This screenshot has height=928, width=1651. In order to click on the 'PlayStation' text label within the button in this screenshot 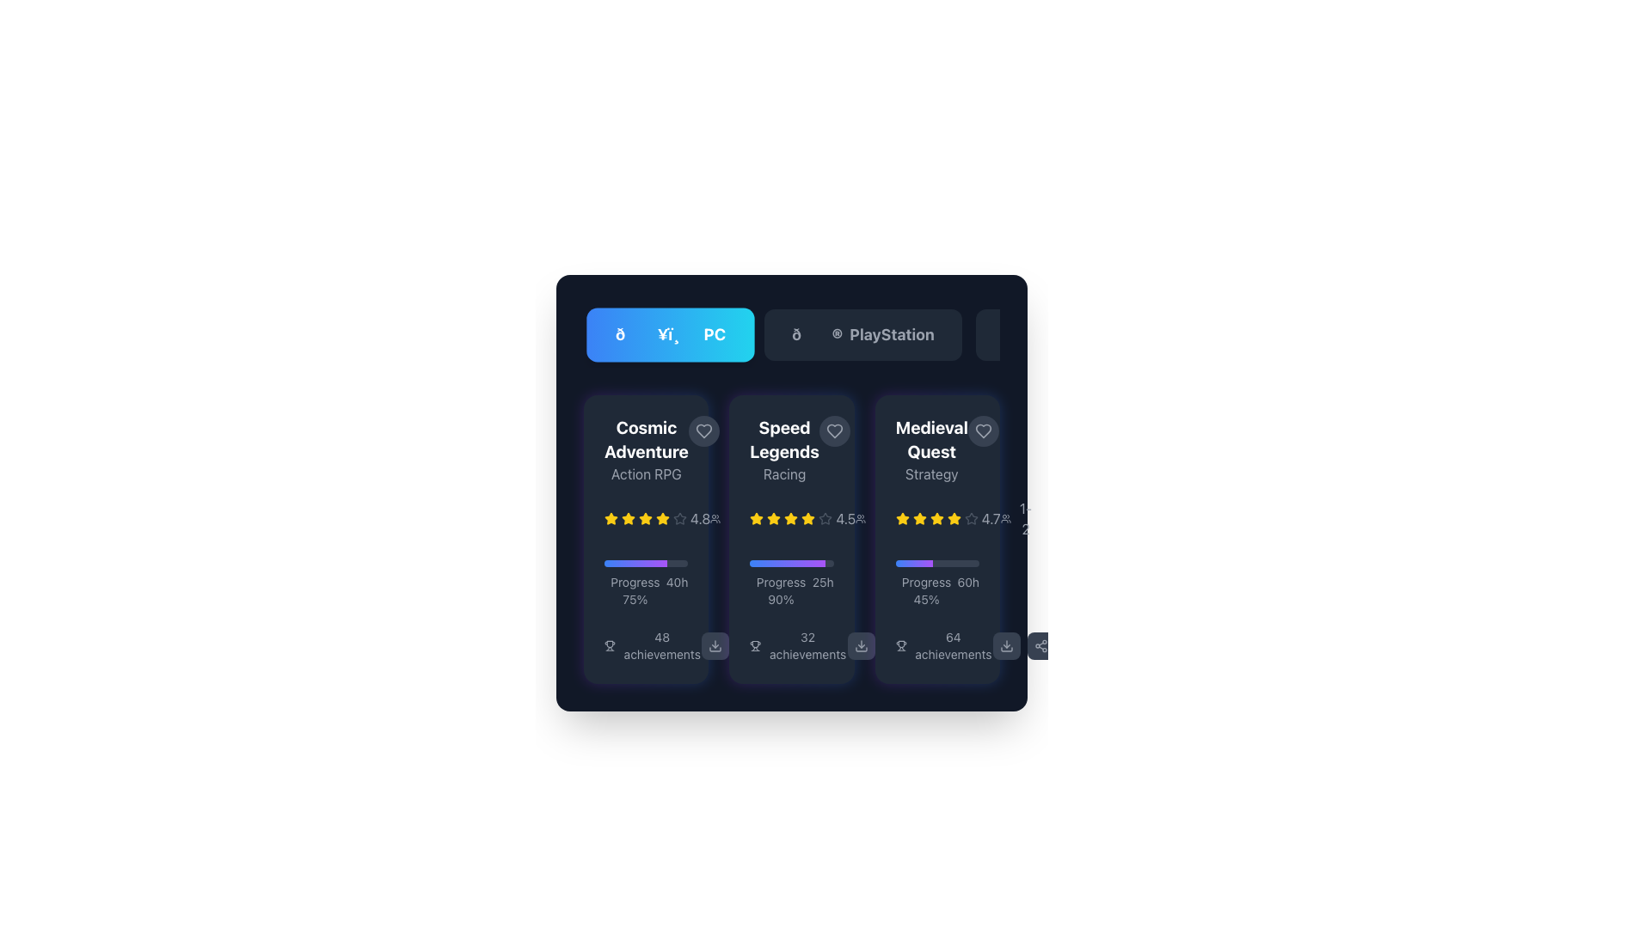, I will do `click(892, 334)`.